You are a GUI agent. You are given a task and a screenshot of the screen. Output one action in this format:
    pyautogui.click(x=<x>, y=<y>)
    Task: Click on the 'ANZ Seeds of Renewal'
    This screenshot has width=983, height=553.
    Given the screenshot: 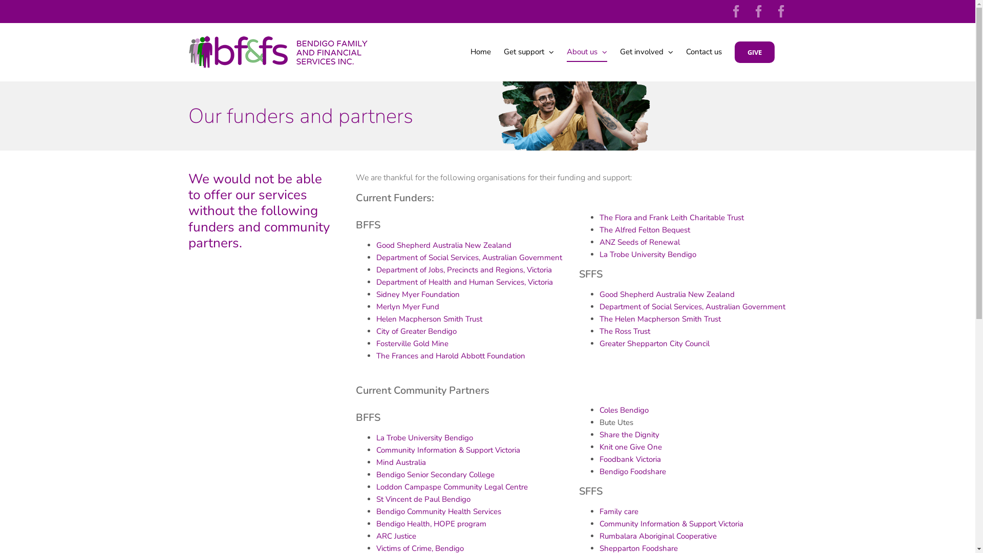 What is the action you would take?
    pyautogui.click(x=639, y=242)
    